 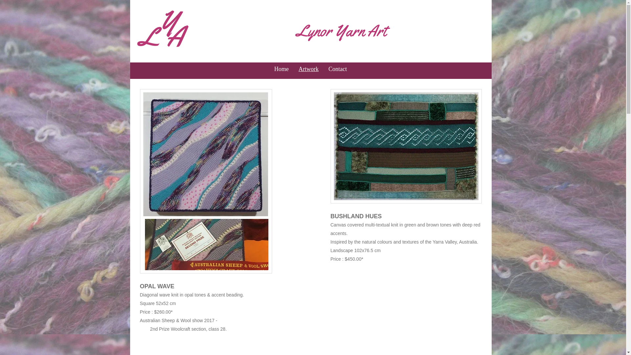 I want to click on 'Artwork', so click(x=308, y=69).